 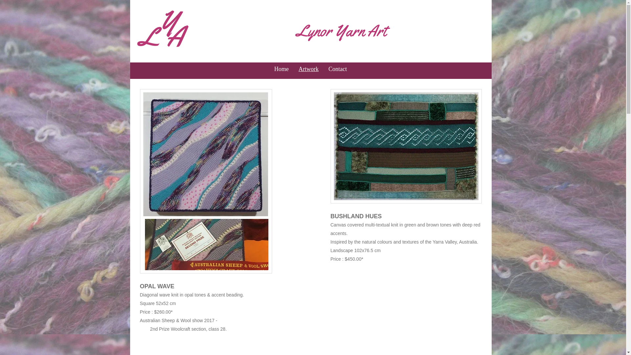 I want to click on 'Artwork', so click(x=308, y=69).